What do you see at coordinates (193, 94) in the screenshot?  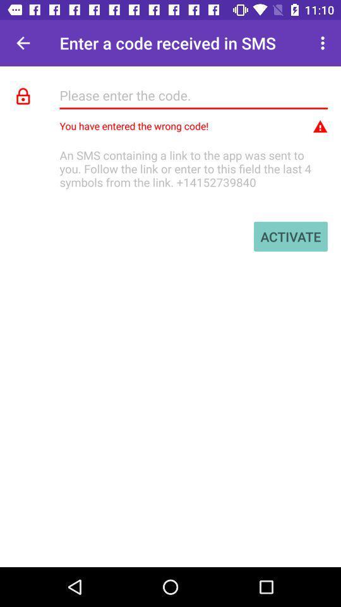 I see `type the code` at bounding box center [193, 94].